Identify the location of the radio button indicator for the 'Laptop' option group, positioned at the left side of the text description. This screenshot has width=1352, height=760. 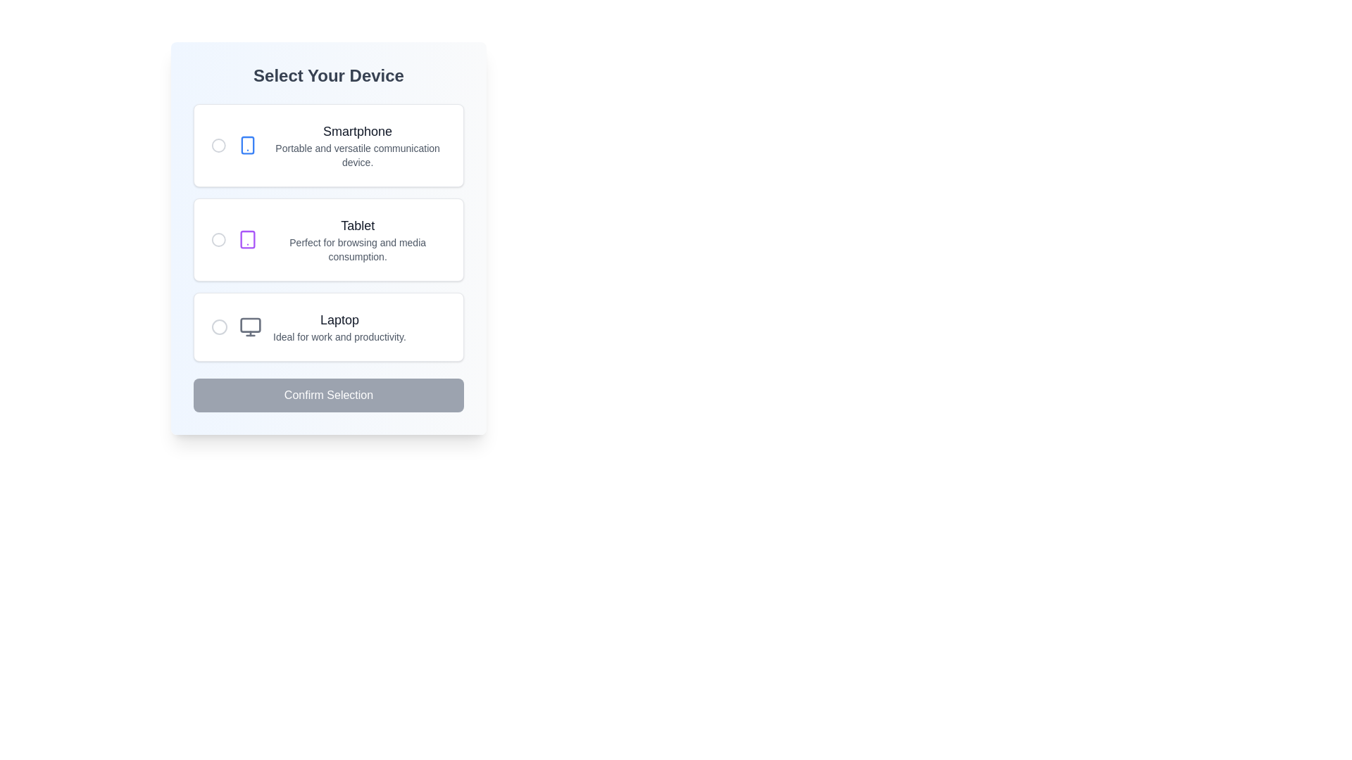
(219, 327).